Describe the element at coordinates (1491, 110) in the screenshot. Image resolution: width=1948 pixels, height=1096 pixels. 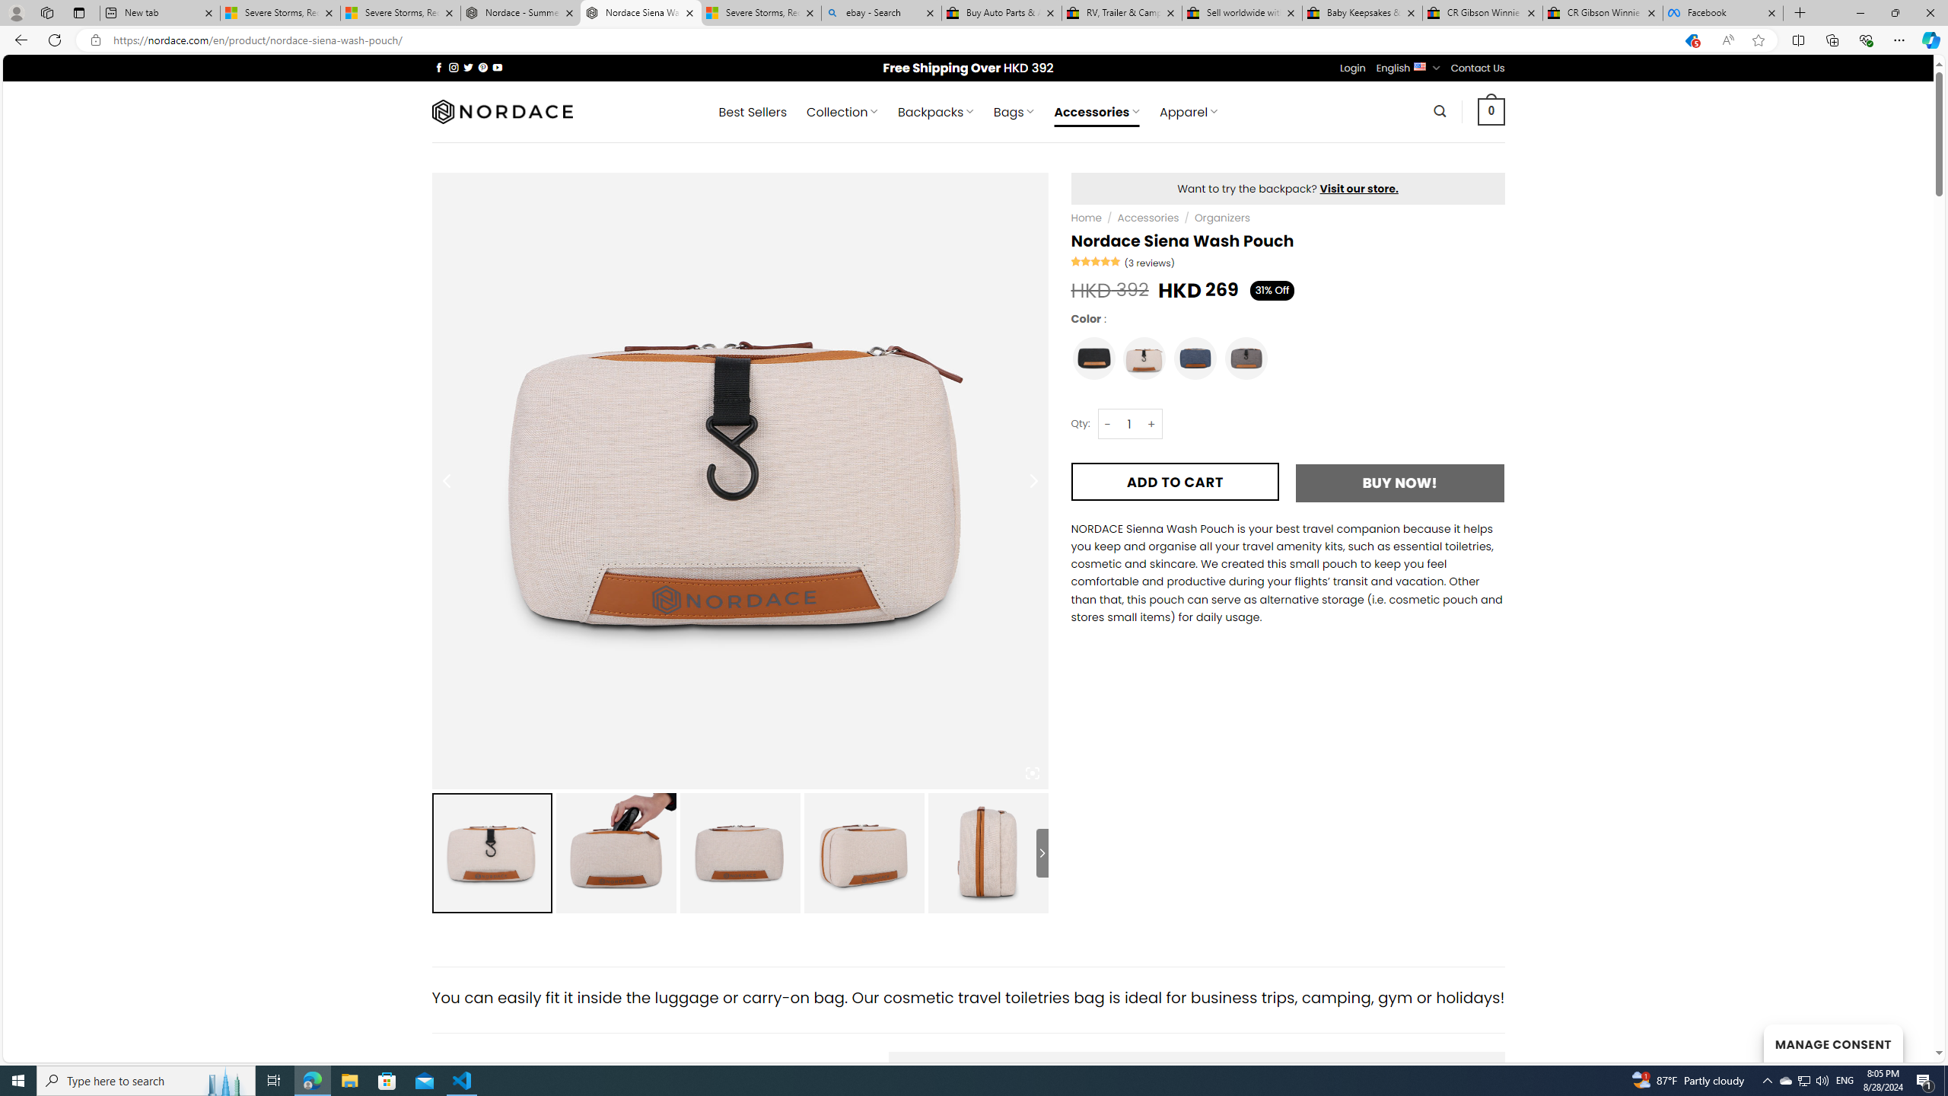
I see `'  0  '` at that location.